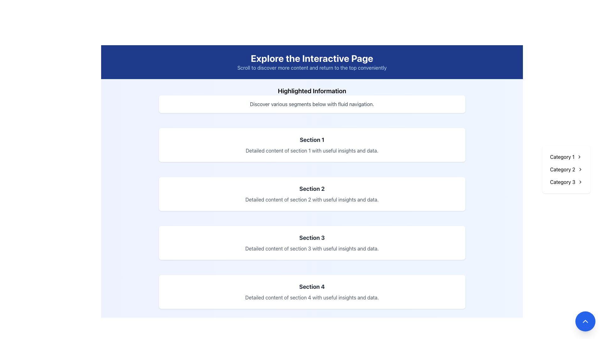 The image size is (603, 339). Describe the element at coordinates (312, 99) in the screenshot. I see `the text block titled 'Highlighted Information' that contains the subtitle 'Discover various segments below with fluid navigation.' This element is positioned centrally below the page header and above the sections labeled 'Section 1' through 'Section 15.'` at that location.